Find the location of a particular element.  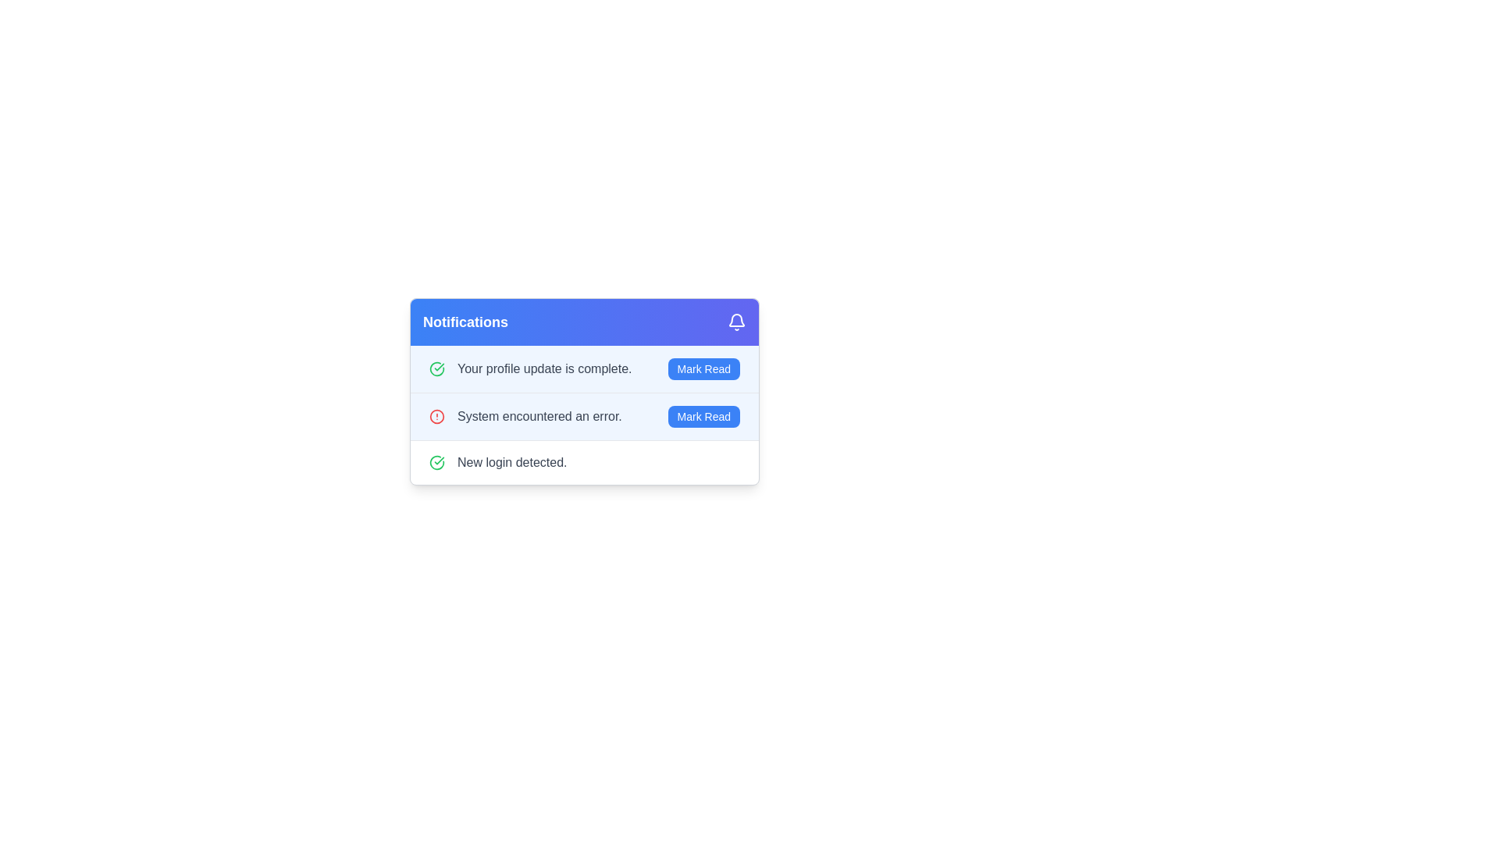

the bell-shaped notification icon located in the top-right corner of the header section labeled 'Notifications' is located at coordinates (736, 321).